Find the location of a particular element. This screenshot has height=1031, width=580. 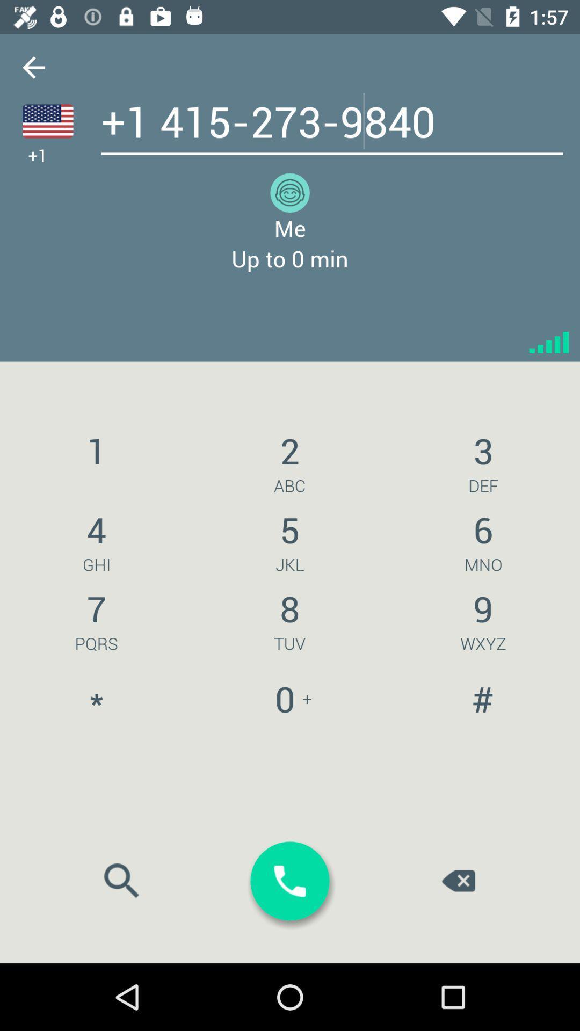

call this number is located at coordinates (290, 881).